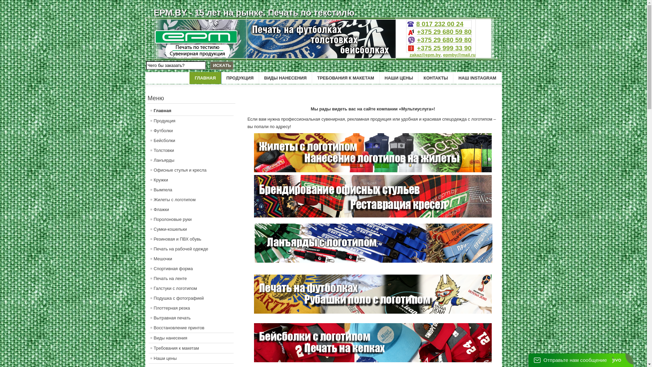 The image size is (652, 367). Describe the element at coordinates (444, 48) in the screenshot. I see `'+375 25 999 33 90'` at that location.